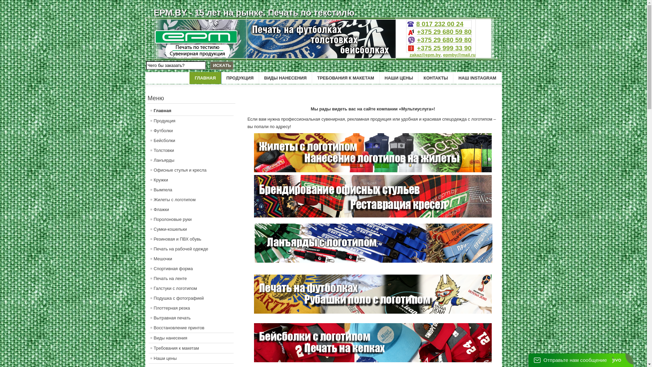 The image size is (652, 367). Describe the element at coordinates (444, 48) in the screenshot. I see `'+375 25 999 33 90'` at that location.